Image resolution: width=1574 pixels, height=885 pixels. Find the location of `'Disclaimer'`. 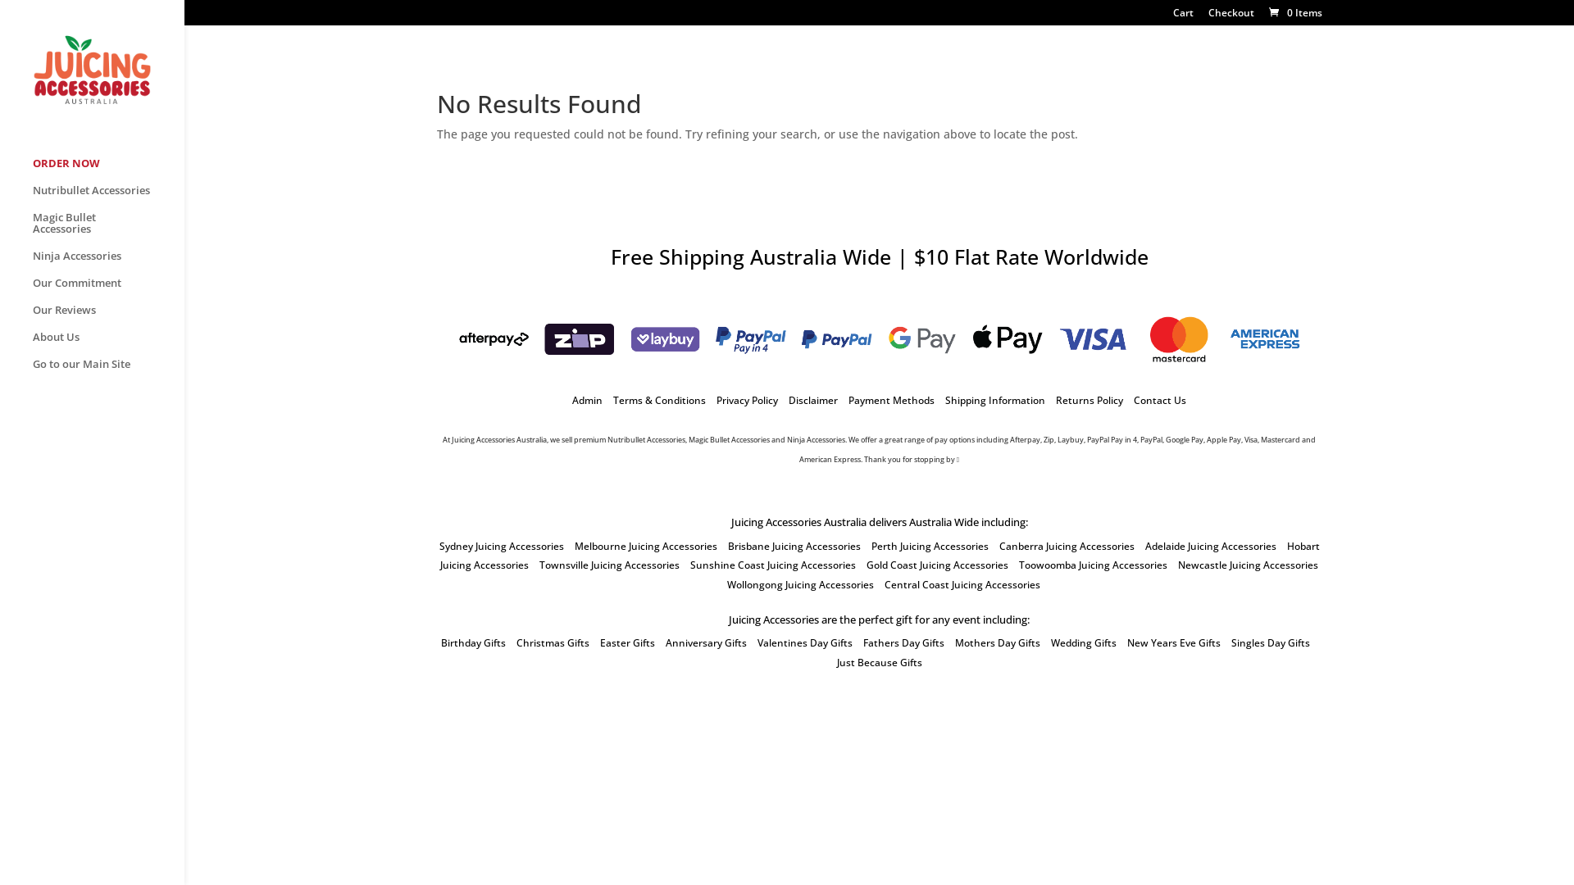

'Disclaimer' is located at coordinates (788, 400).